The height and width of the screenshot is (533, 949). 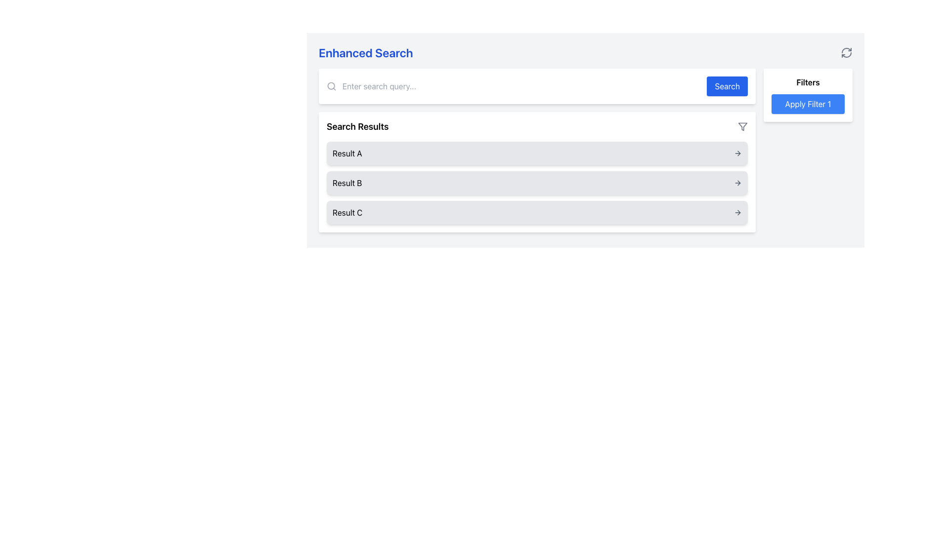 What do you see at coordinates (737, 153) in the screenshot?
I see `the rightward-pointing arrow icon located inside the panel labeled 'Result A', which is positioned at the far-right of the panel and aligns horizontally with the label text` at bounding box center [737, 153].